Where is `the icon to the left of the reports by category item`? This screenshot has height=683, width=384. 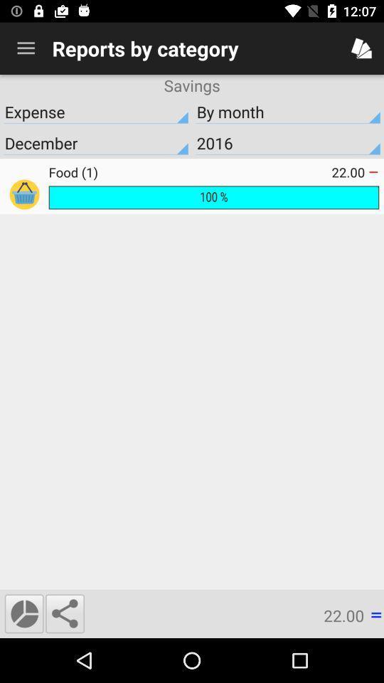
the icon to the left of the reports by category item is located at coordinates (26, 48).